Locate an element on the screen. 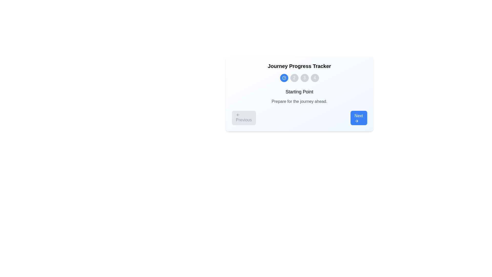  the leftward arrow icon within the 'Previous' button located at the lower-left section of the card-like interface is located at coordinates (238, 114).